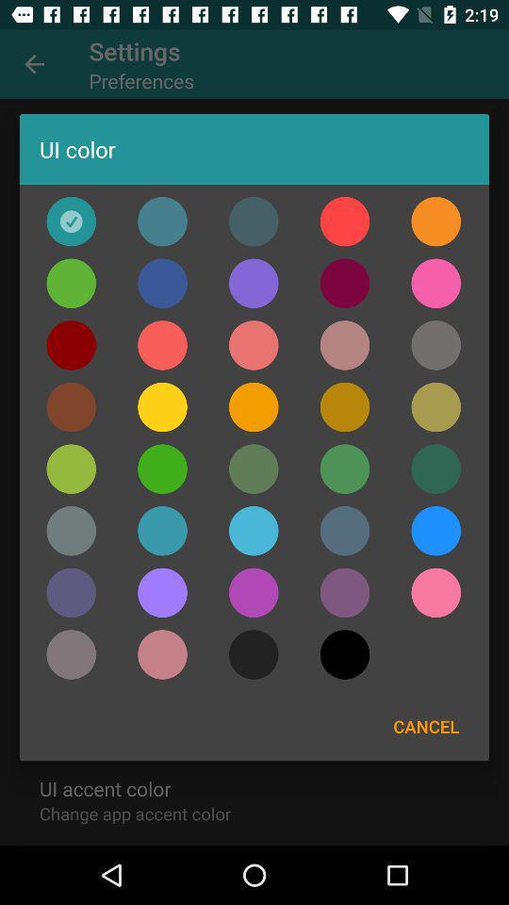 This screenshot has height=905, width=509. What do you see at coordinates (435, 531) in the screenshot?
I see `color` at bounding box center [435, 531].